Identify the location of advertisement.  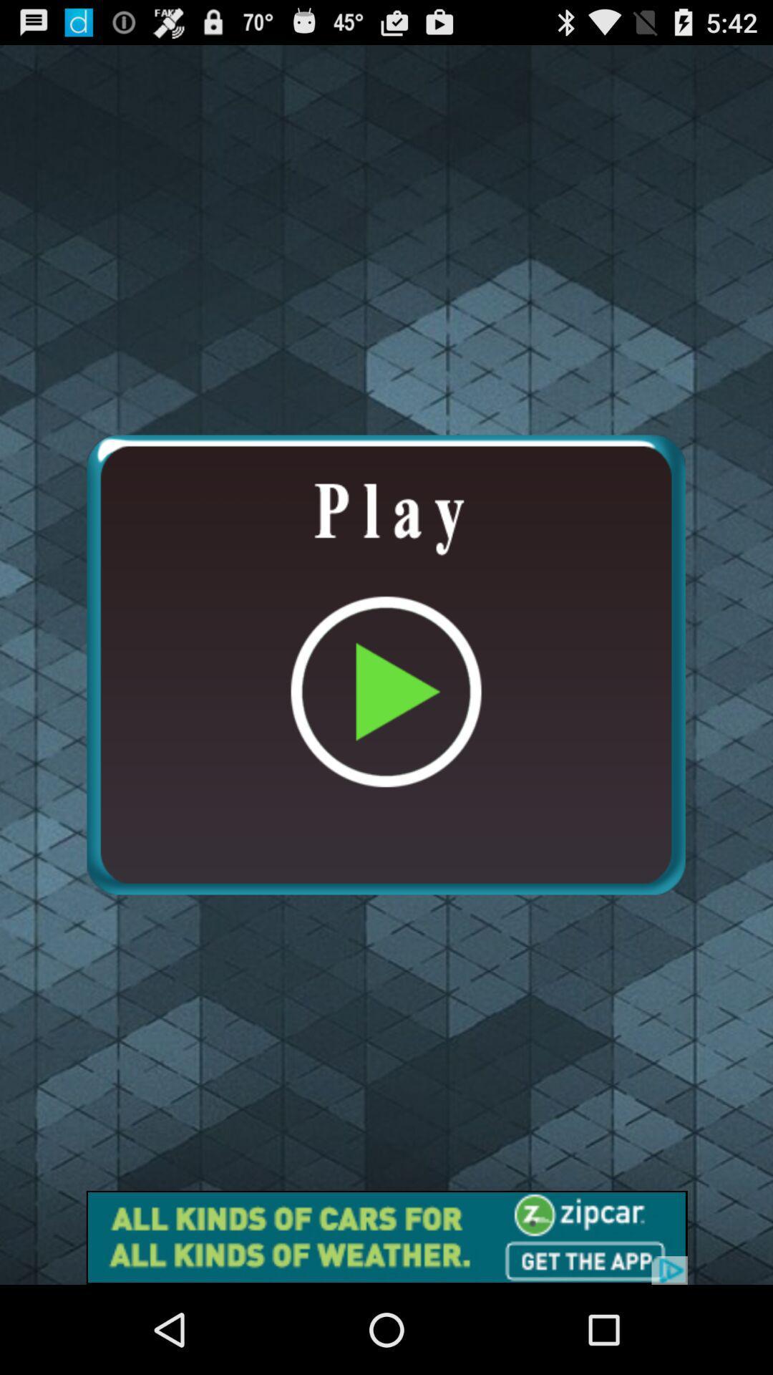
(386, 1237).